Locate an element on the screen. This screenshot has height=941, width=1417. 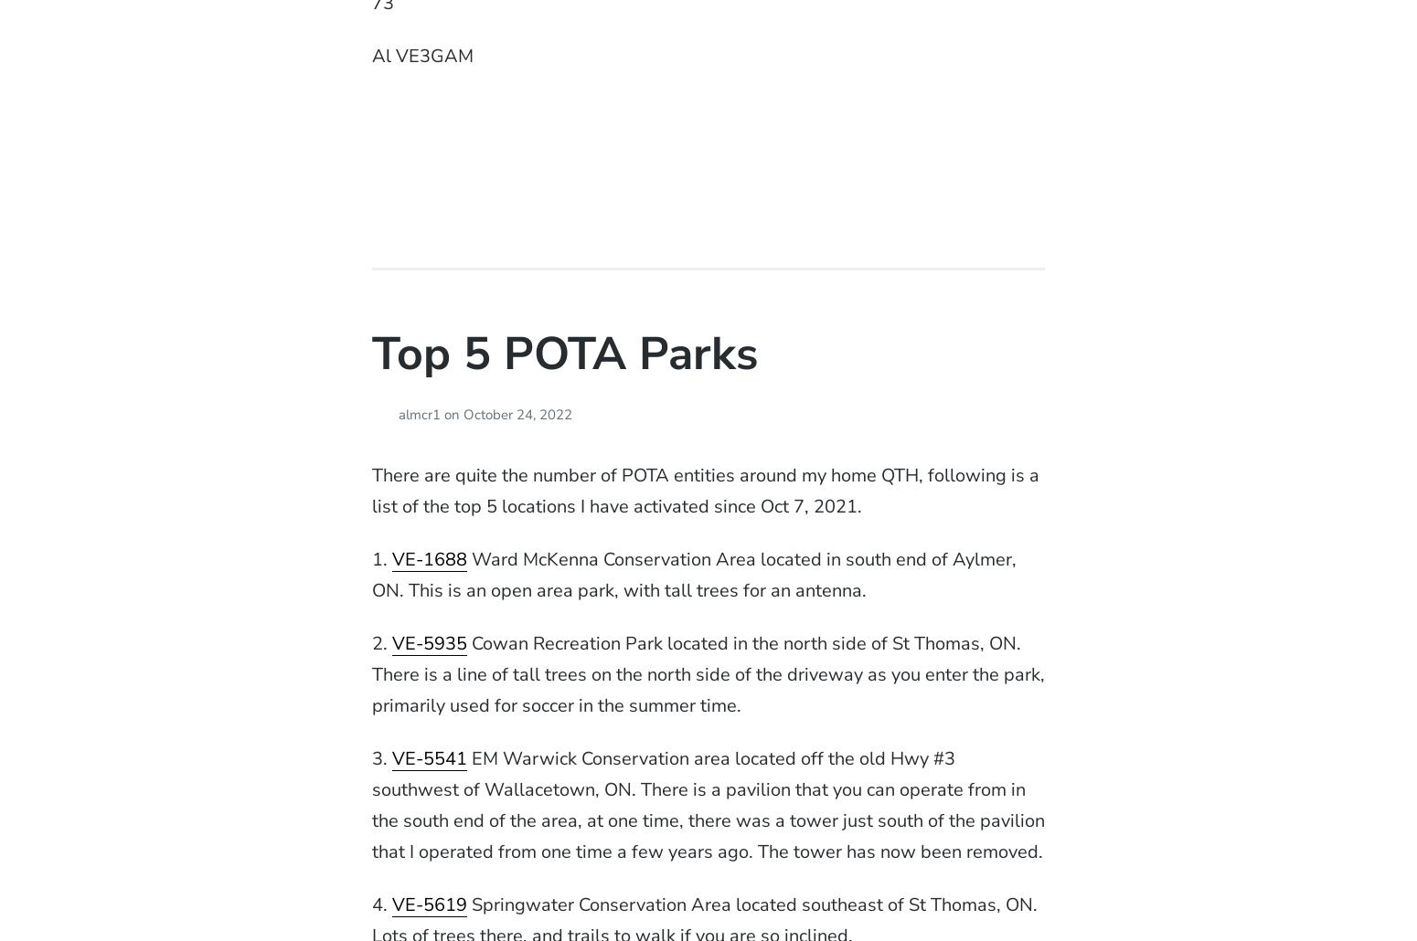
'Al VE3GAM' is located at coordinates (421, 56).